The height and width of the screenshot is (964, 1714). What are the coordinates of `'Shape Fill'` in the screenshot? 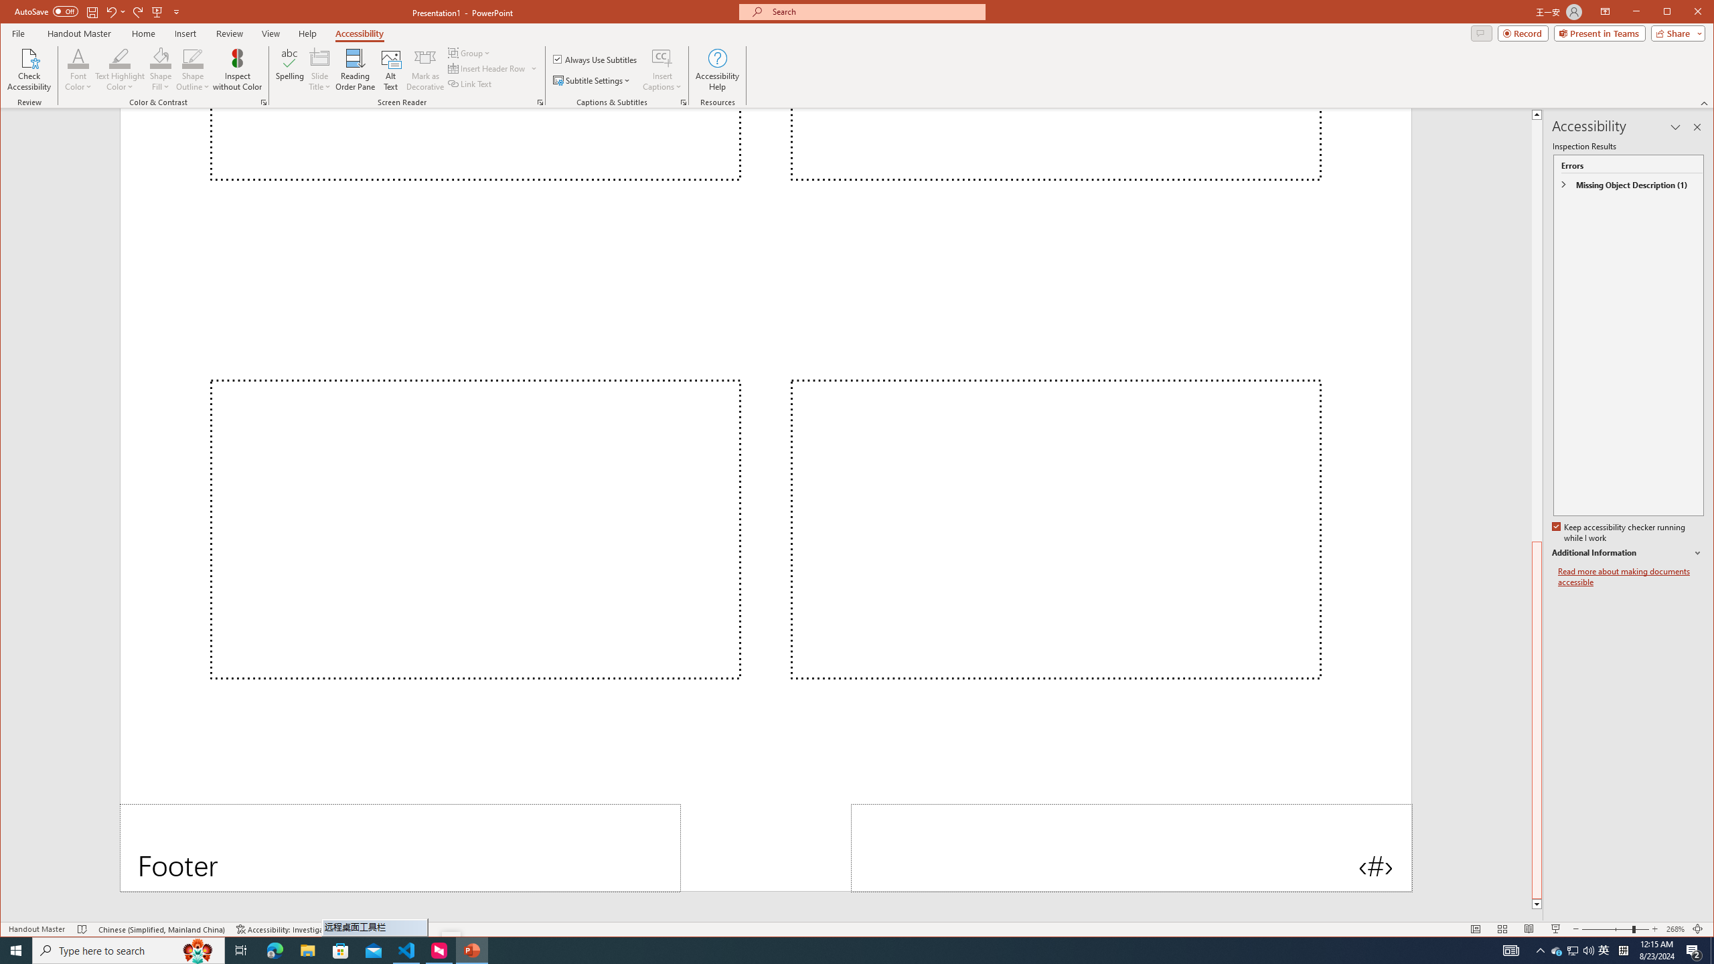 It's located at (161, 69).